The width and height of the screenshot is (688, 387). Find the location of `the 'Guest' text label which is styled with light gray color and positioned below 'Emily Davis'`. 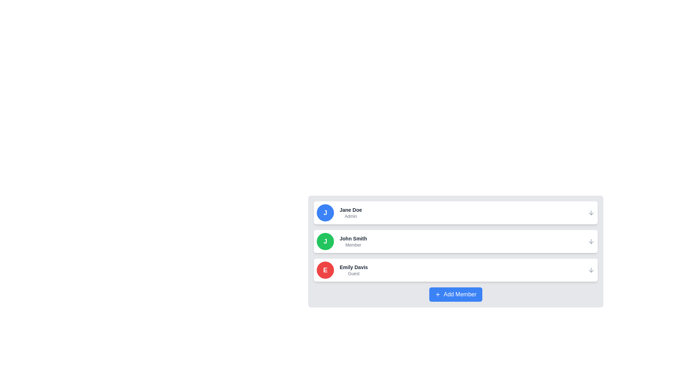

the 'Guest' text label which is styled with light gray color and positioned below 'Emily Davis' is located at coordinates (354, 273).